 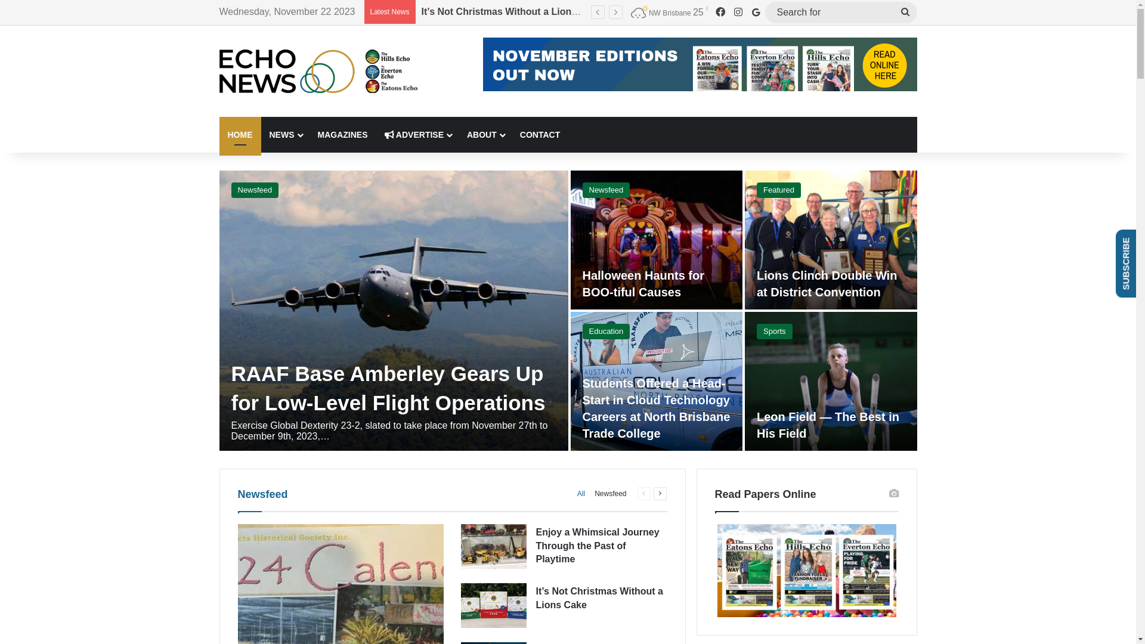 I want to click on 'ABOUT', so click(x=457, y=134).